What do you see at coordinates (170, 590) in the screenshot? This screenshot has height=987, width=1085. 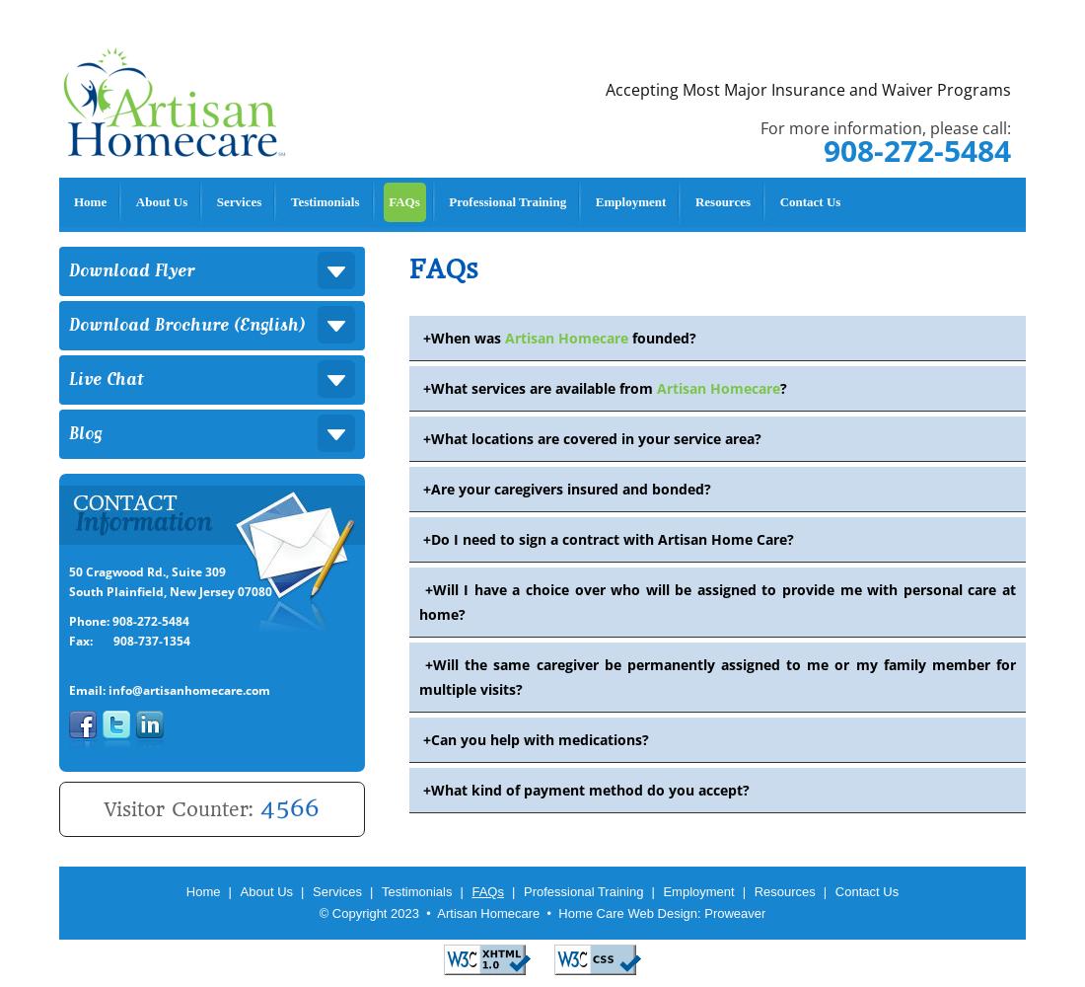 I see `'South Plainfield, New Jersey 07080'` at bounding box center [170, 590].